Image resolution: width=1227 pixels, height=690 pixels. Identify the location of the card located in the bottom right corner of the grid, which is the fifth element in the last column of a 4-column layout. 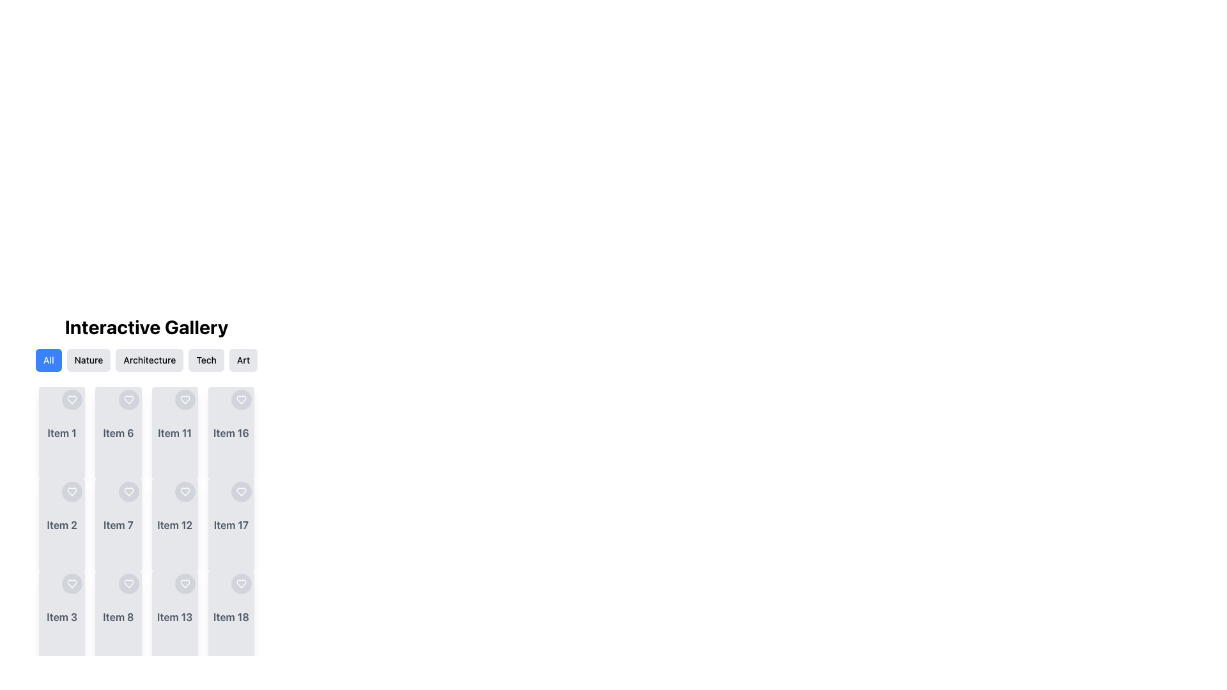
(231, 525).